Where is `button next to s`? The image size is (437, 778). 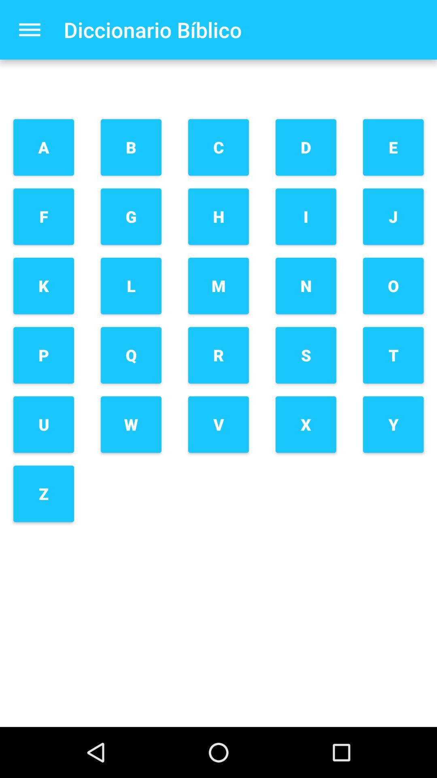
button next to s is located at coordinates (218, 424).